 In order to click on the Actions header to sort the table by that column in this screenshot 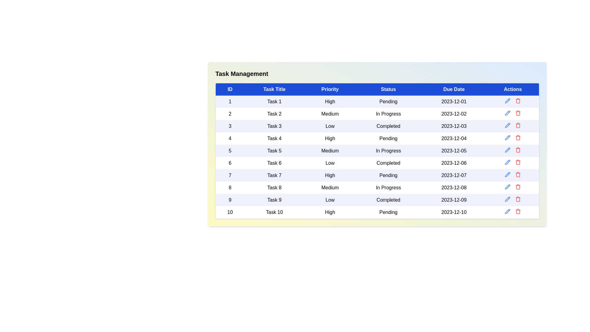, I will do `click(513, 89)`.